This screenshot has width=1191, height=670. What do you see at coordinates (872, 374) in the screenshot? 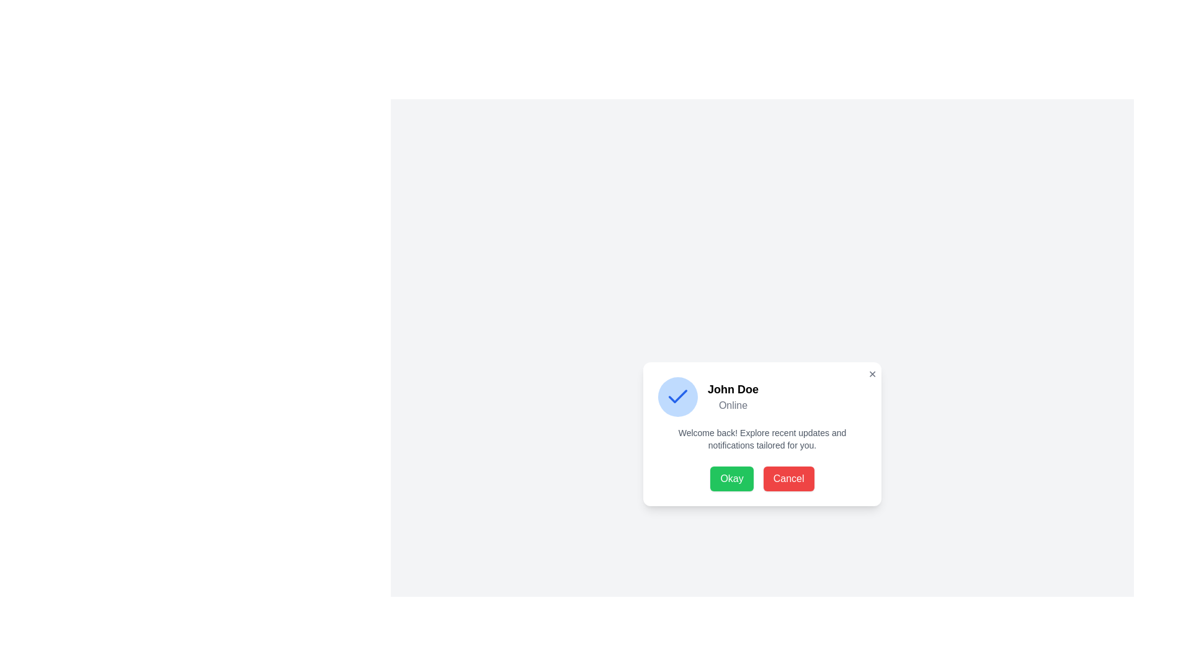
I see `the close button icon, which resembles an 'X' and is located in the top-right corner of the white dialog box, to observe its style changes` at bounding box center [872, 374].